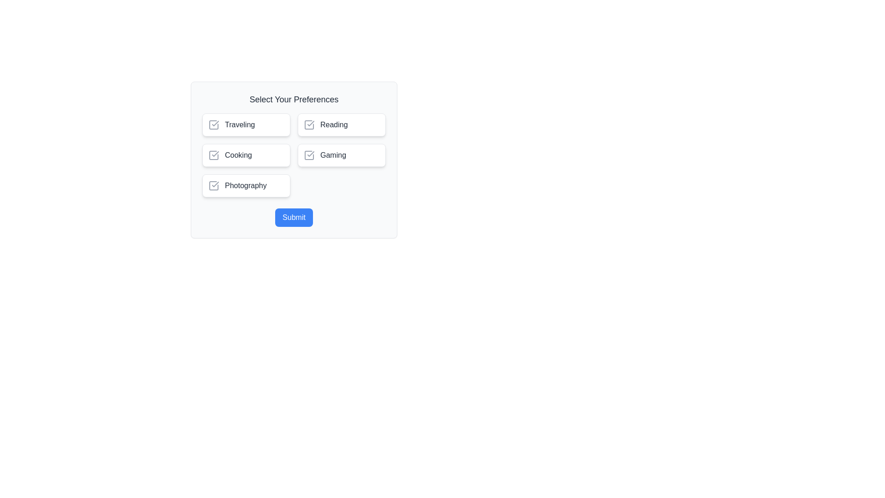 This screenshot has height=498, width=885. What do you see at coordinates (333, 125) in the screenshot?
I see `the 'Reading' preference label located in the second column of the first row under the 'Select Your Preferences' heading` at bounding box center [333, 125].